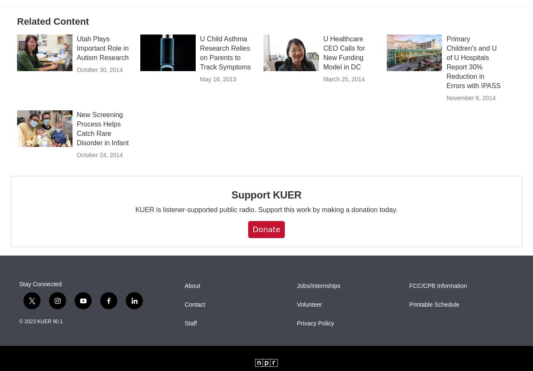 The width and height of the screenshot is (533, 371). Describe the element at coordinates (190, 342) in the screenshot. I see `'Staff'` at that location.